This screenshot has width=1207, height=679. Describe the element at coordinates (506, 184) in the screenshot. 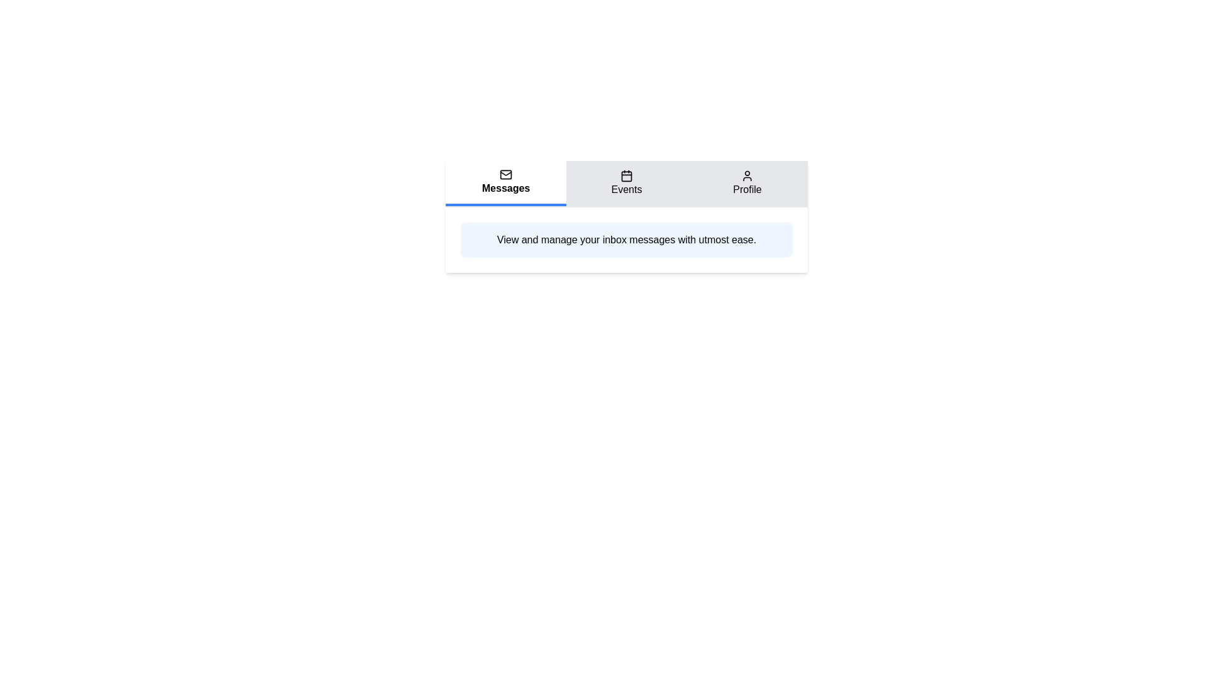

I see `the Messages tab by clicking on its title or icon` at that location.